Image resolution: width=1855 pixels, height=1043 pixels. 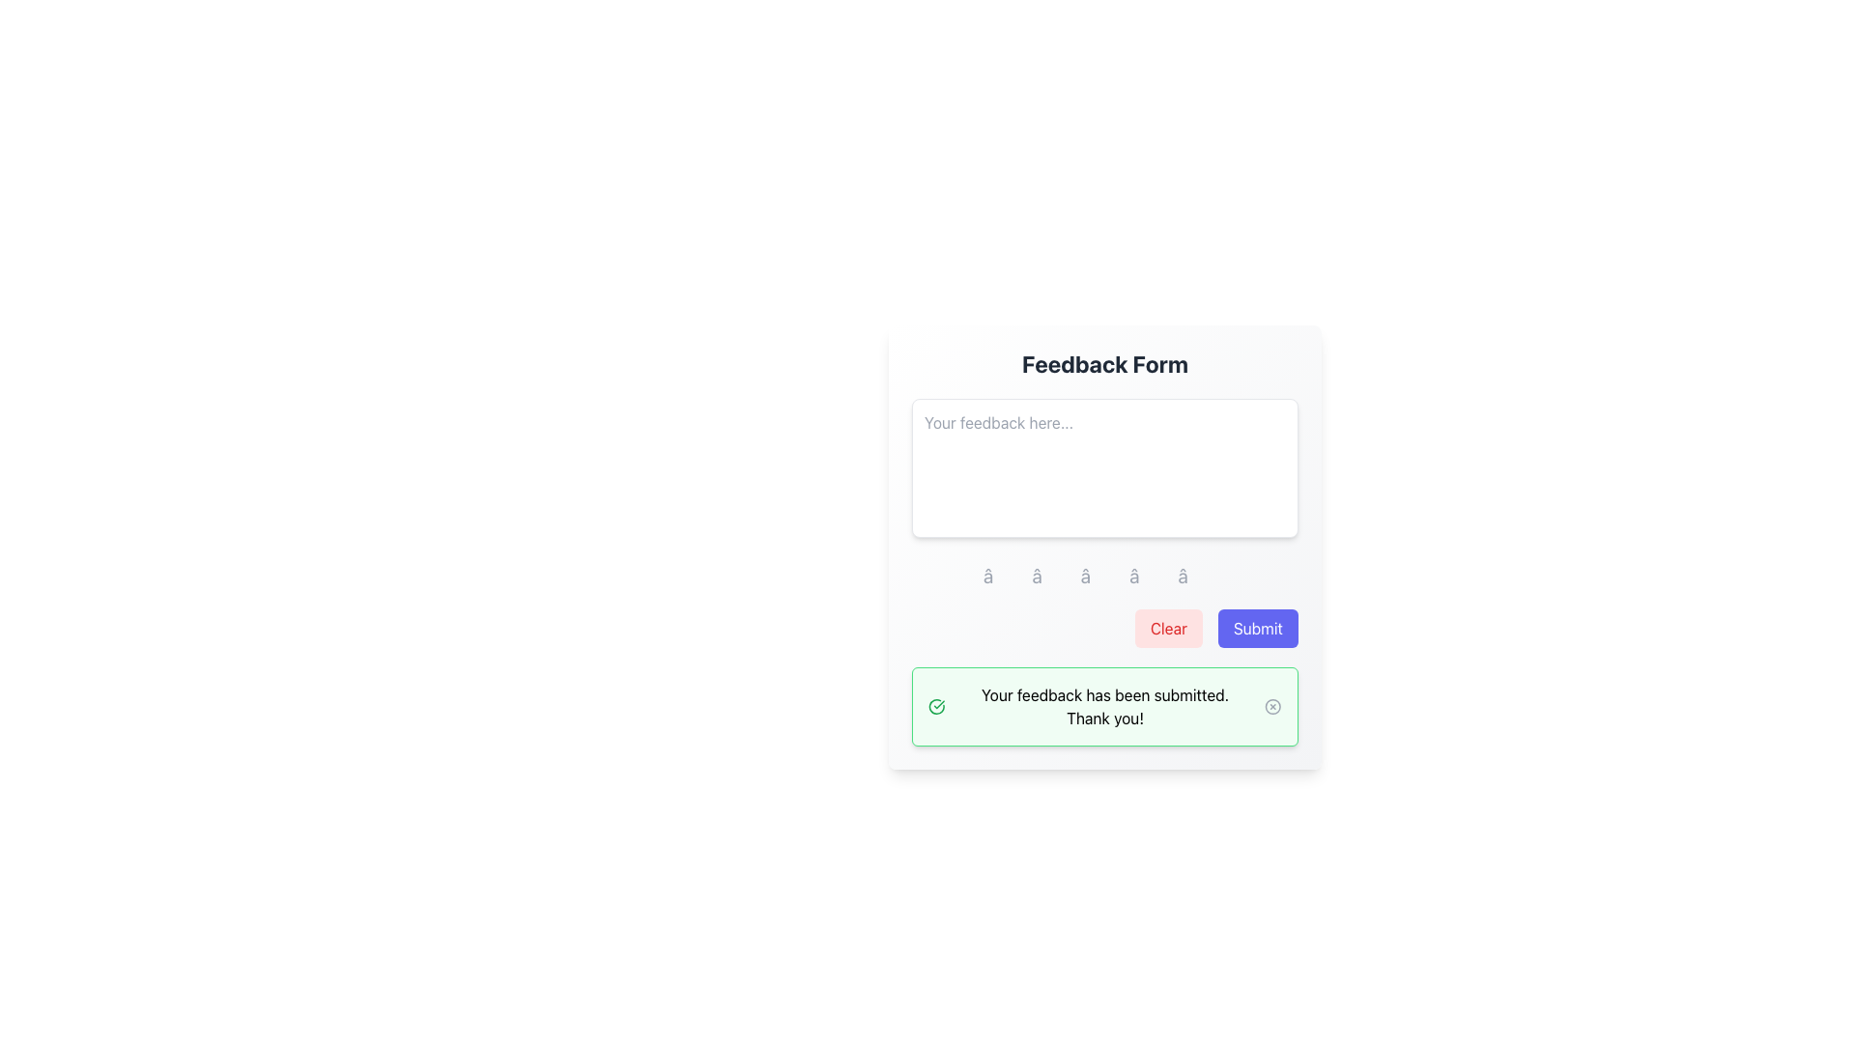 What do you see at coordinates (1055, 576) in the screenshot?
I see `the second star in the rating input to indicate a preference or feedback score` at bounding box center [1055, 576].